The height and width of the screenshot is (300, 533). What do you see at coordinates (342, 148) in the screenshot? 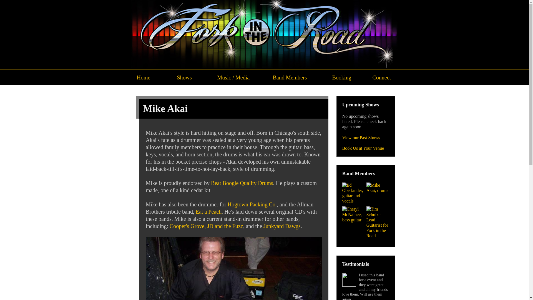
I see `'Book Us at Your Venue'` at bounding box center [342, 148].